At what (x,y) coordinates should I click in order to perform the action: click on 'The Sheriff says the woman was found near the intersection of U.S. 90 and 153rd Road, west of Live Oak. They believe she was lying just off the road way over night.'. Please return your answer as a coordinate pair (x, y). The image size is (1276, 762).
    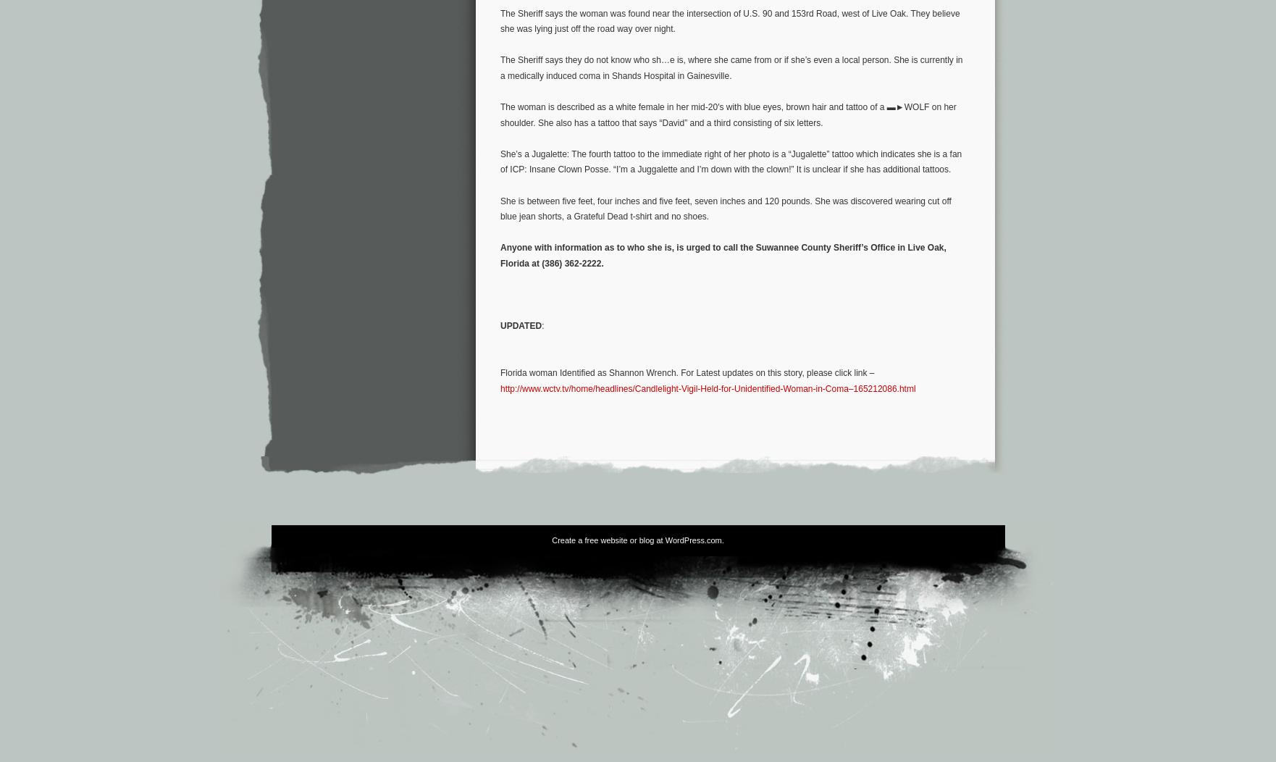
    Looking at the image, I should click on (730, 21).